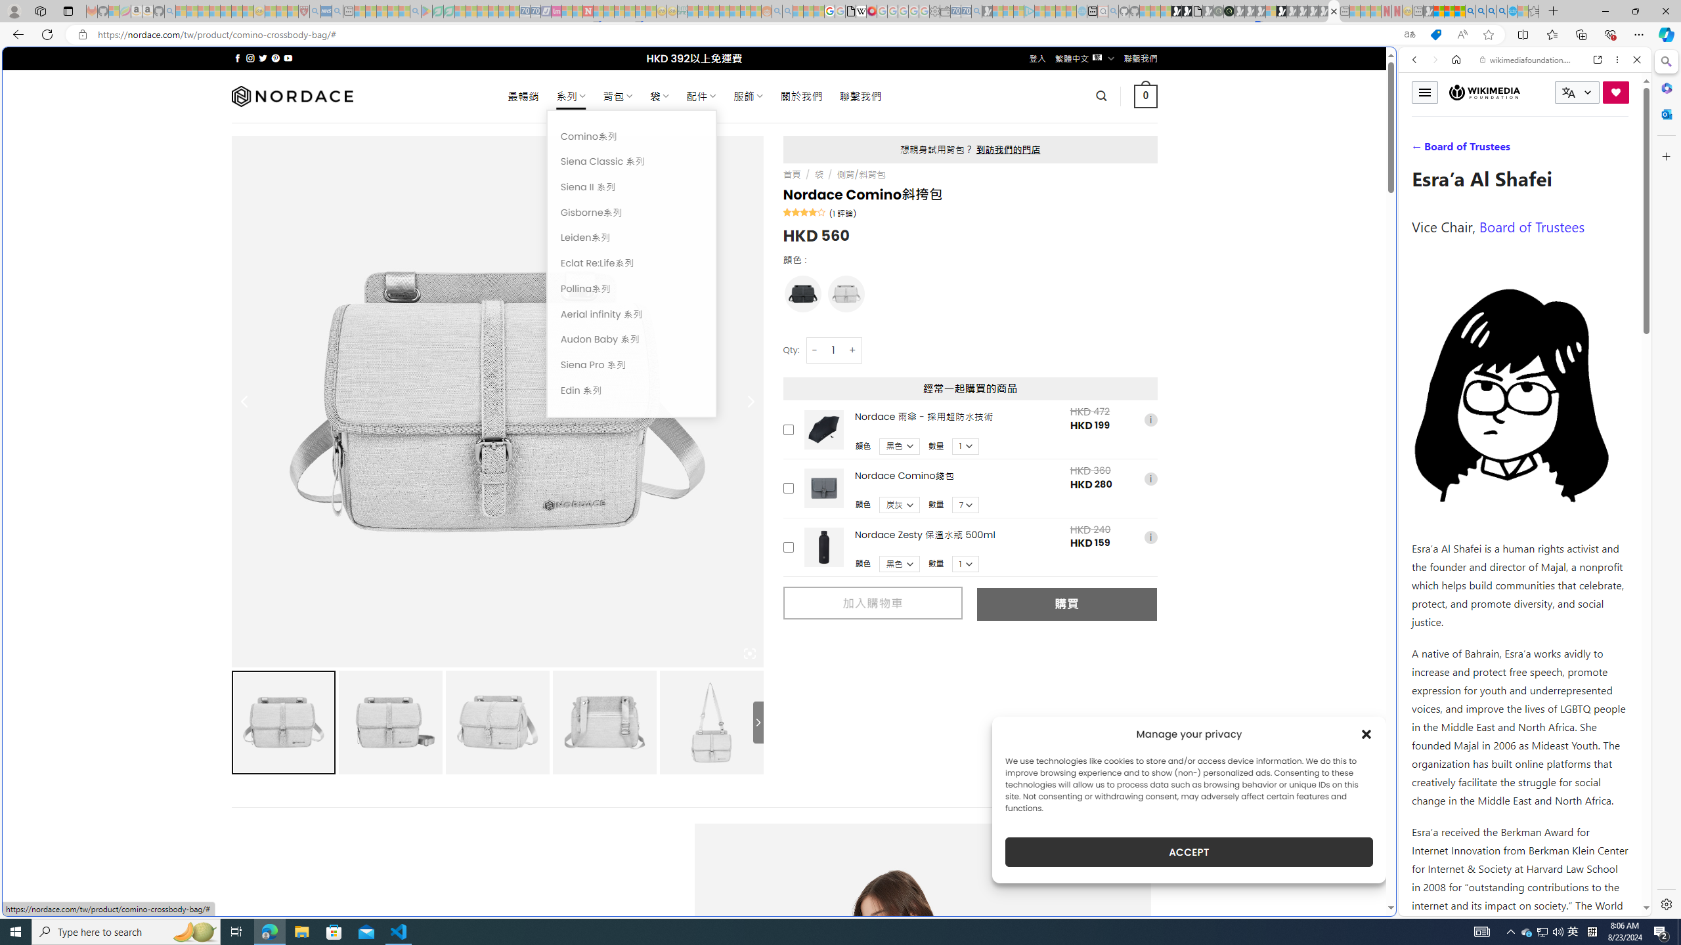  Describe the element at coordinates (437, 10) in the screenshot. I see `'Terms of Use Agreement - Sleeping'` at that location.